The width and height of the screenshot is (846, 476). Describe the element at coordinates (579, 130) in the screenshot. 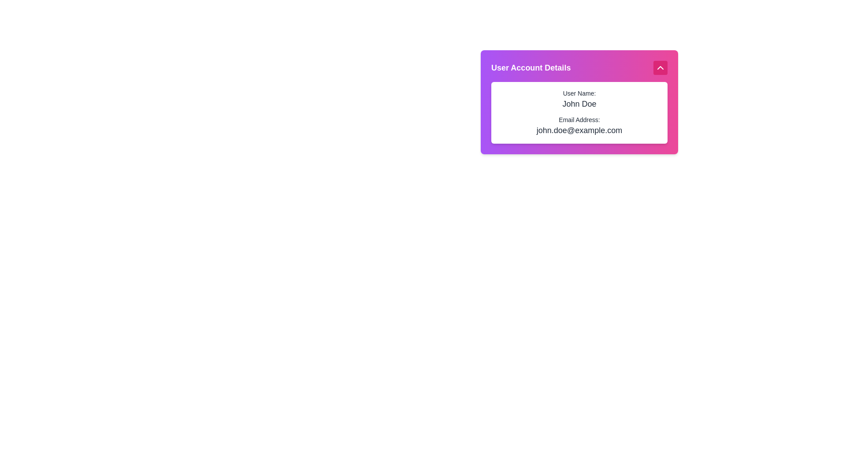

I see `the text element displaying 'john.doe@example.com' located below the 'Email Address:' label in the 'User Account Details' section` at that location.